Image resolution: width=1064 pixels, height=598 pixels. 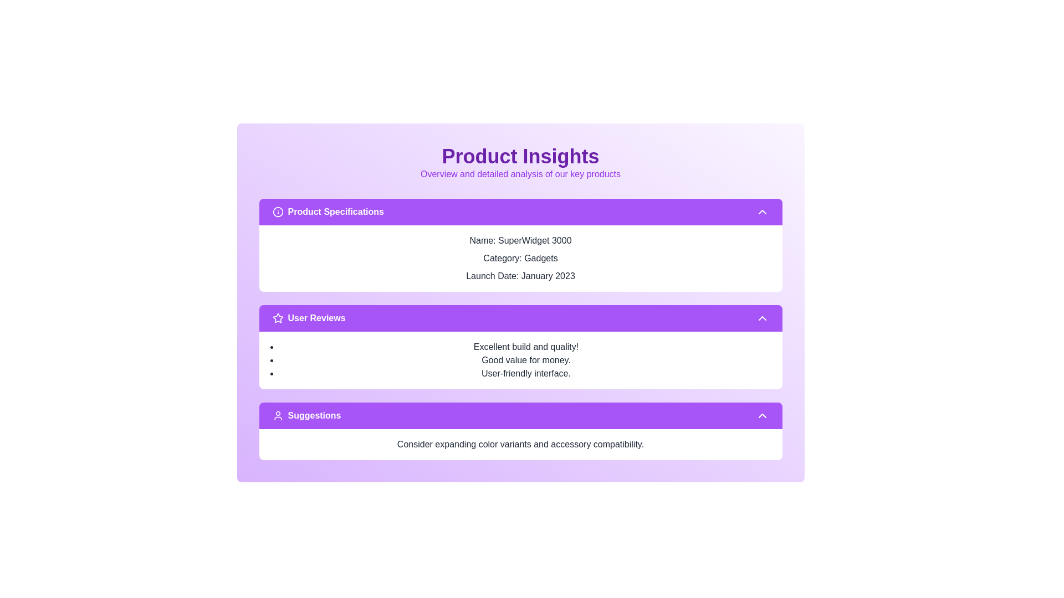 I want to click on the user icon element, which is styled with a white outline on a purple background and is located to the left of the text 'Suggestions' within the card interface, so click(x=278, y=416).